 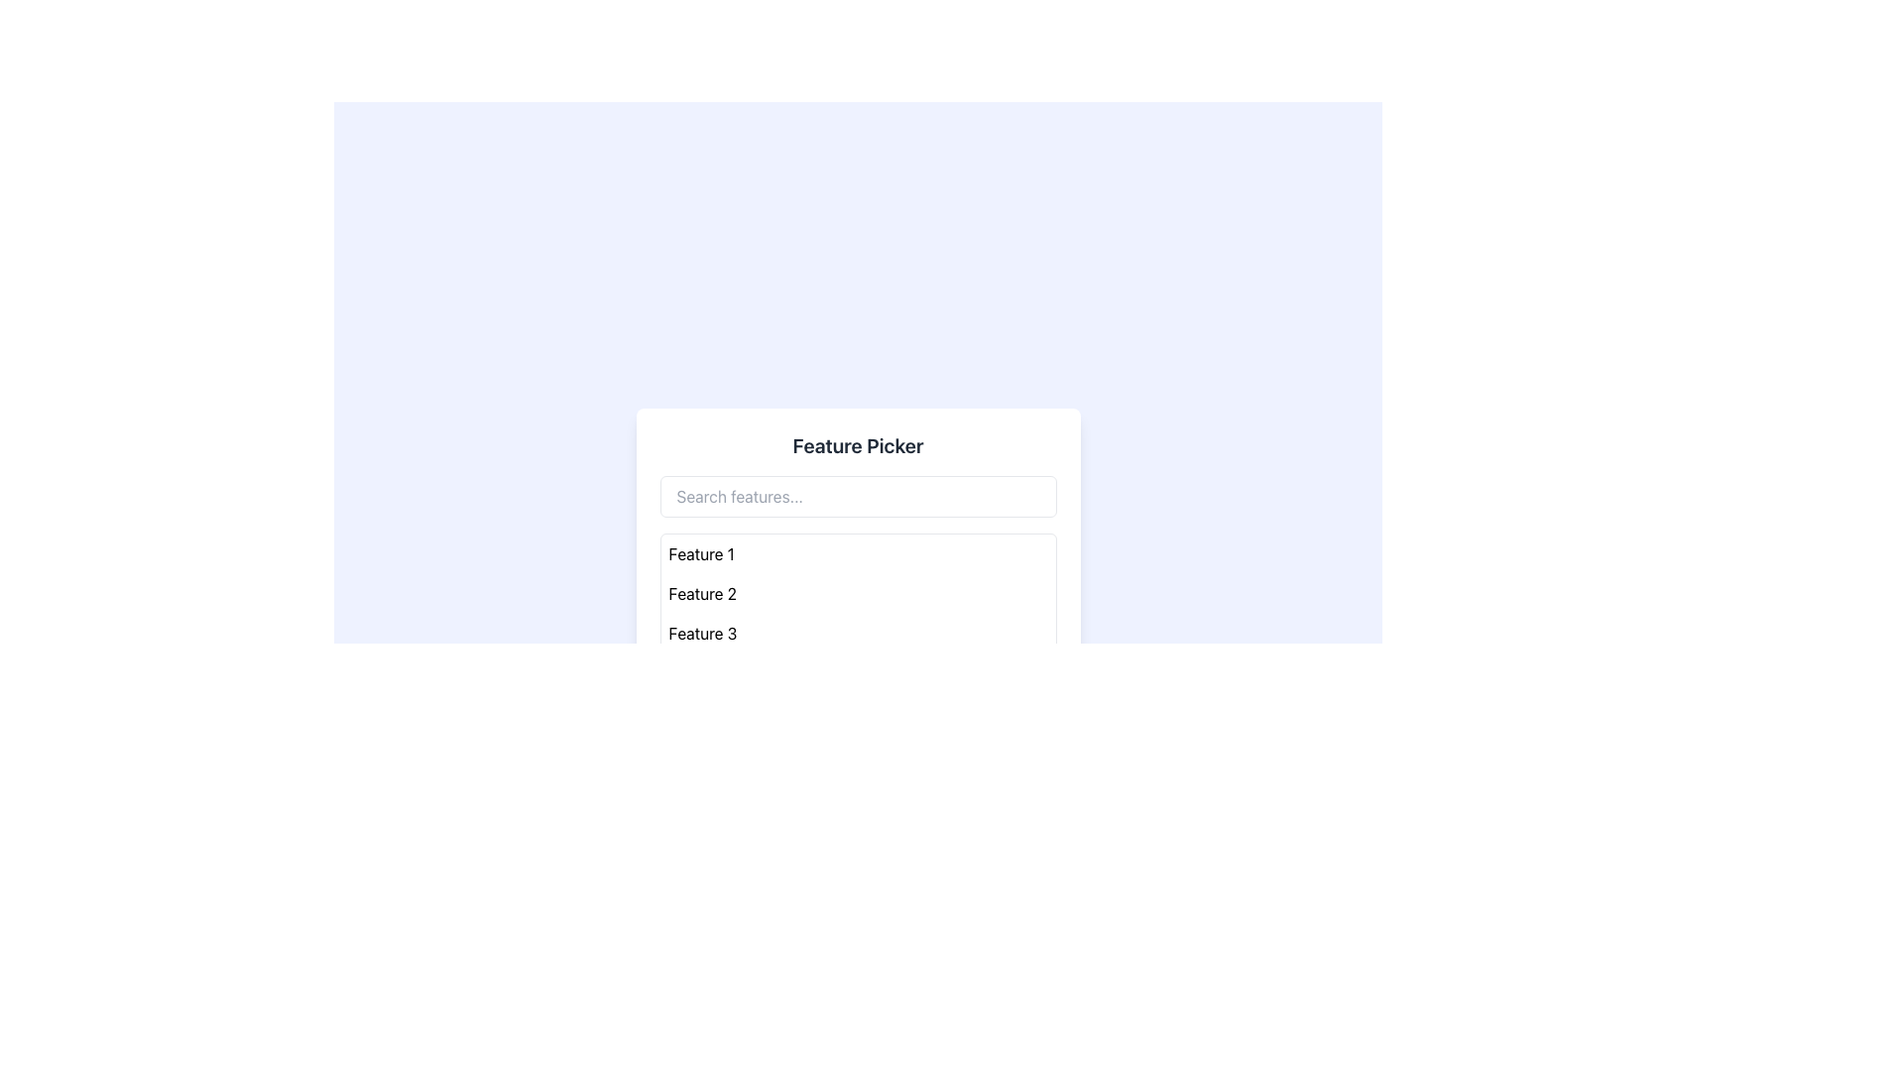 What do you see at coordinates (858, 592) in the screenshot?
I see `the 'Feature 2' list item` at bounding box center [858, 592].